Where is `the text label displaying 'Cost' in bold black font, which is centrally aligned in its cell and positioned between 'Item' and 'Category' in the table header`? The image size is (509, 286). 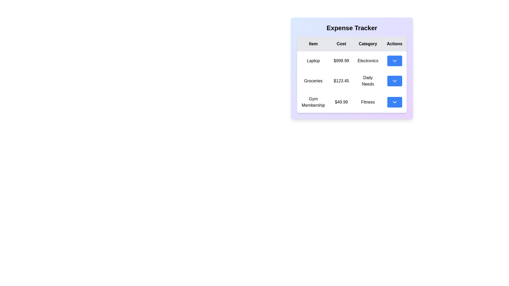 the text label displaying 'Cost' in bold black font, which is centrally aligned in its cell and positioned between 'Item' and 'Category' in the table header is located at coordinates (341, 43).